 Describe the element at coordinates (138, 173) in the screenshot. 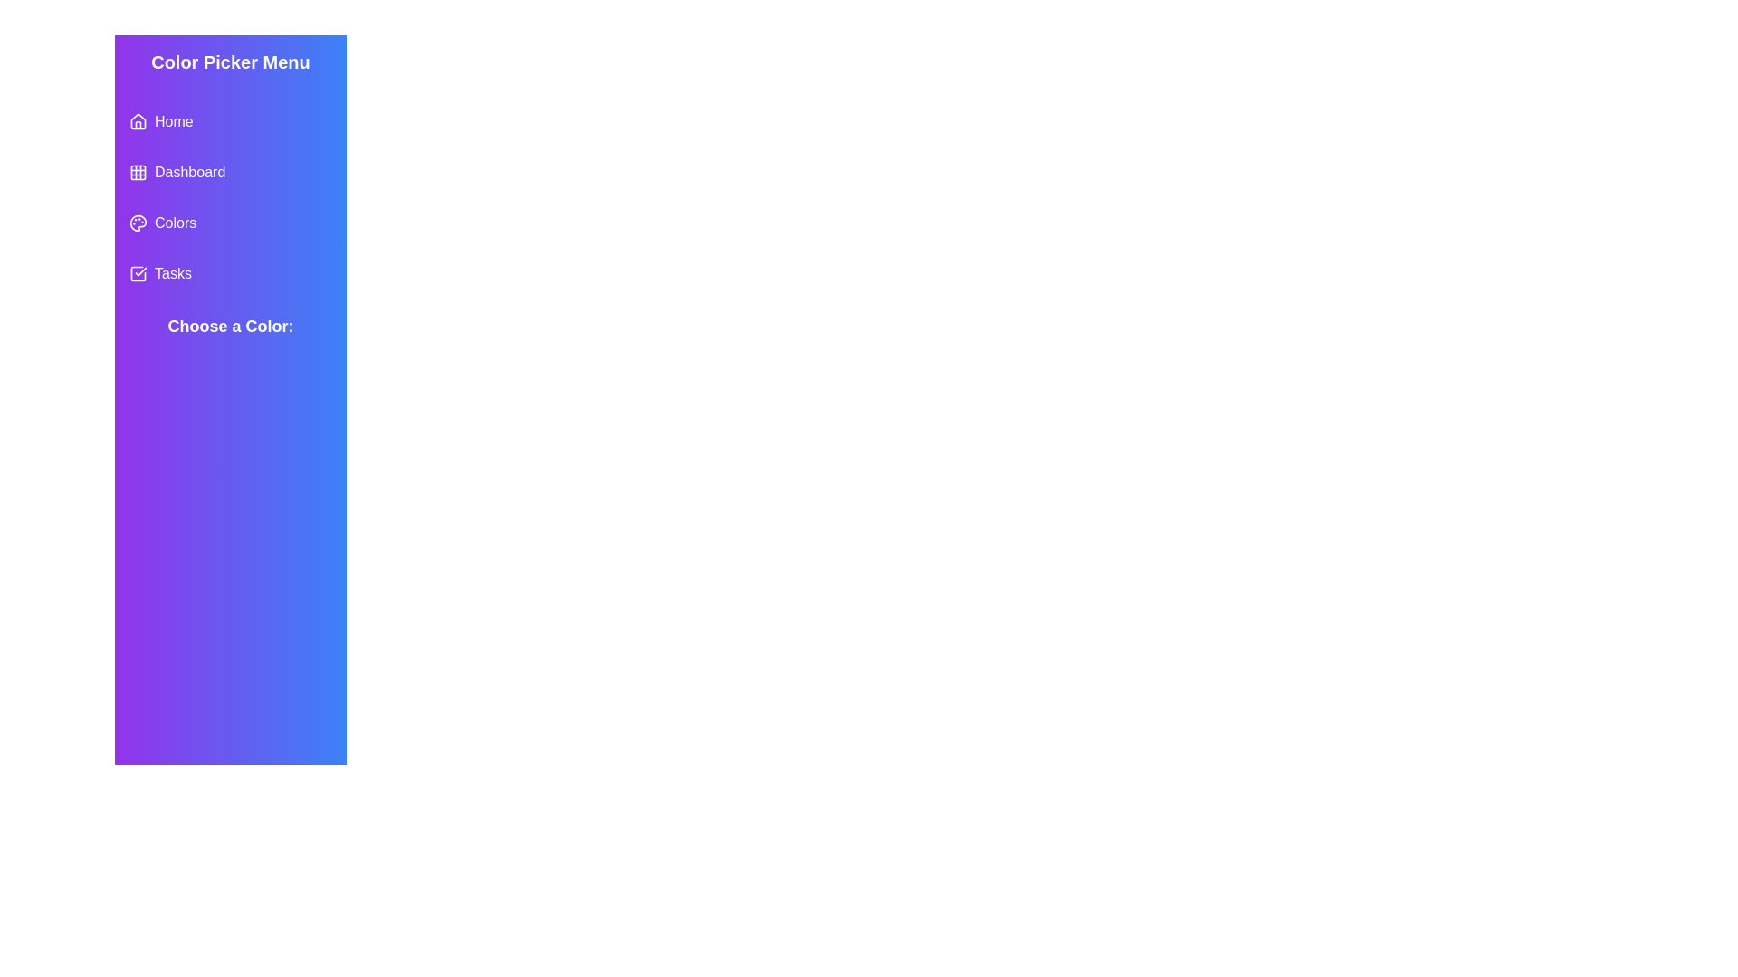

I see `the central rounded rectangle grid cell of the SVG-based icon for interaction` at that location.